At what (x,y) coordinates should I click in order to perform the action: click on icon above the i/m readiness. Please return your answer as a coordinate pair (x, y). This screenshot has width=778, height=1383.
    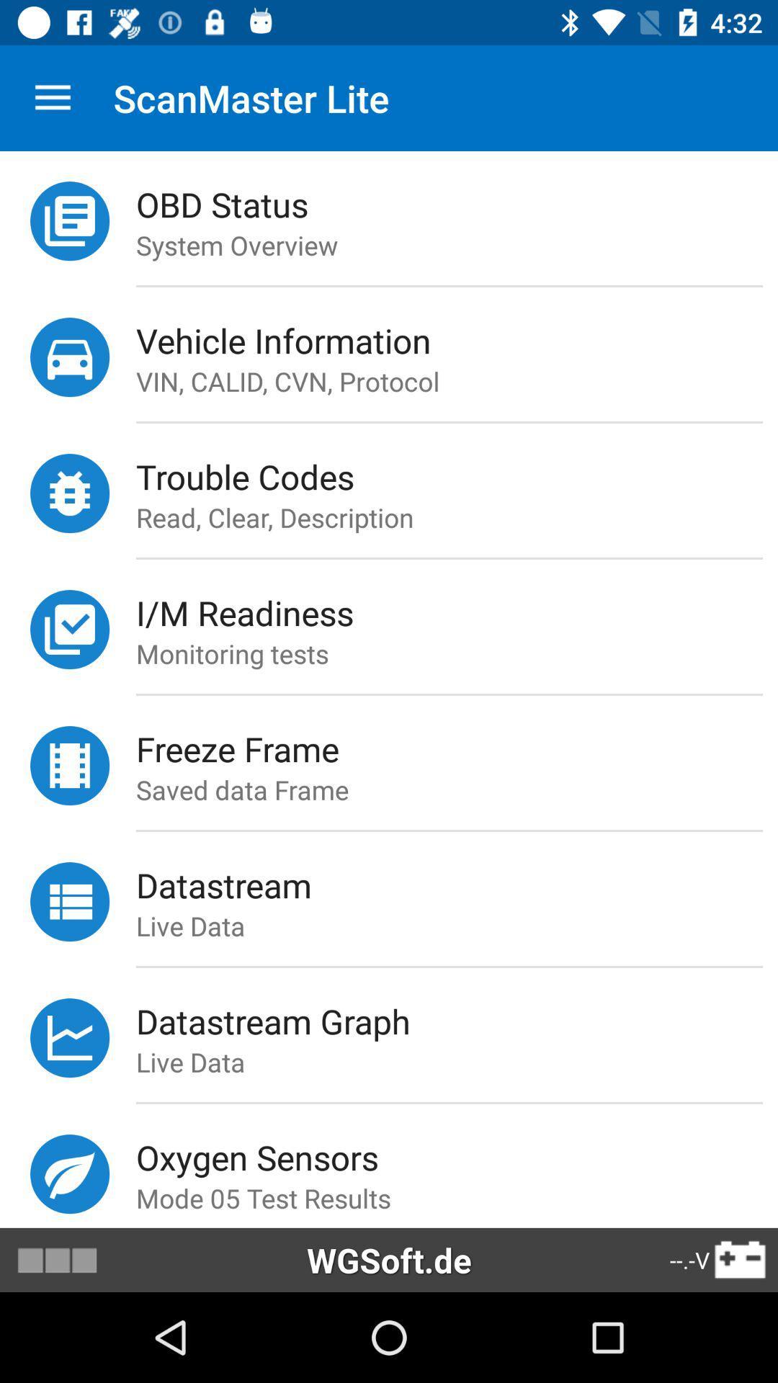
    Looking at the image, I should click on (449, 558).